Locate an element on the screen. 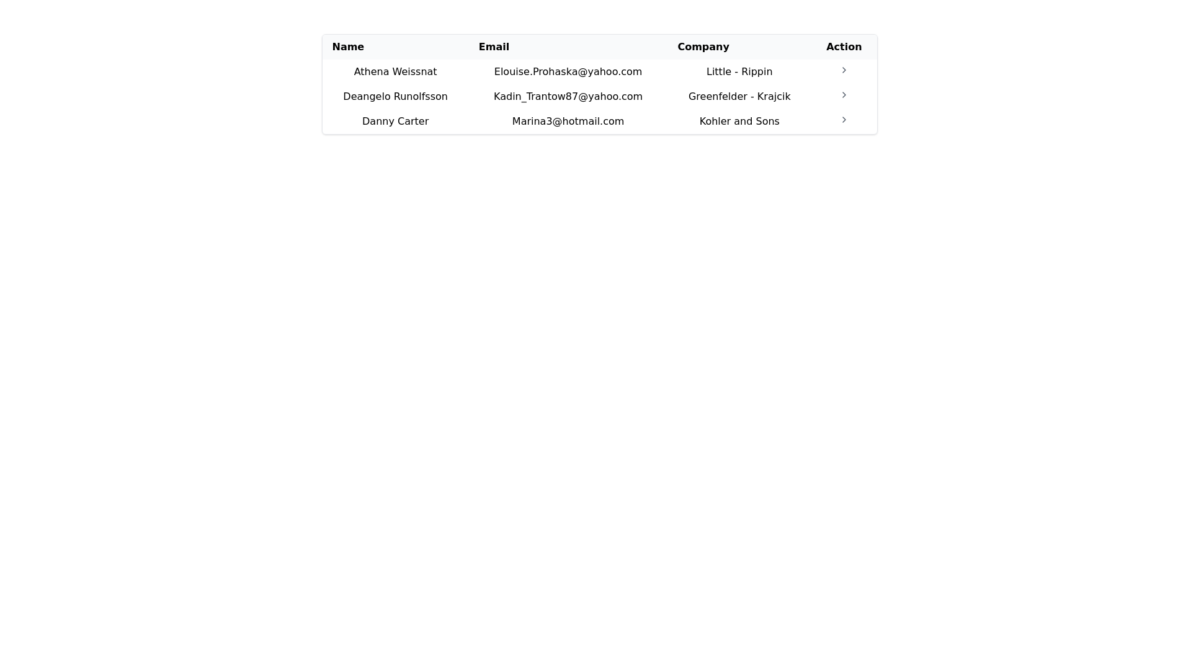 This screenshot has width=1191, height=670. the static text label displaying the company name located in the 'Company' column of the last row of the table, positioned between the email 'Marina3@hotmail.com' and an action icon is located at coordinates (739, 122).